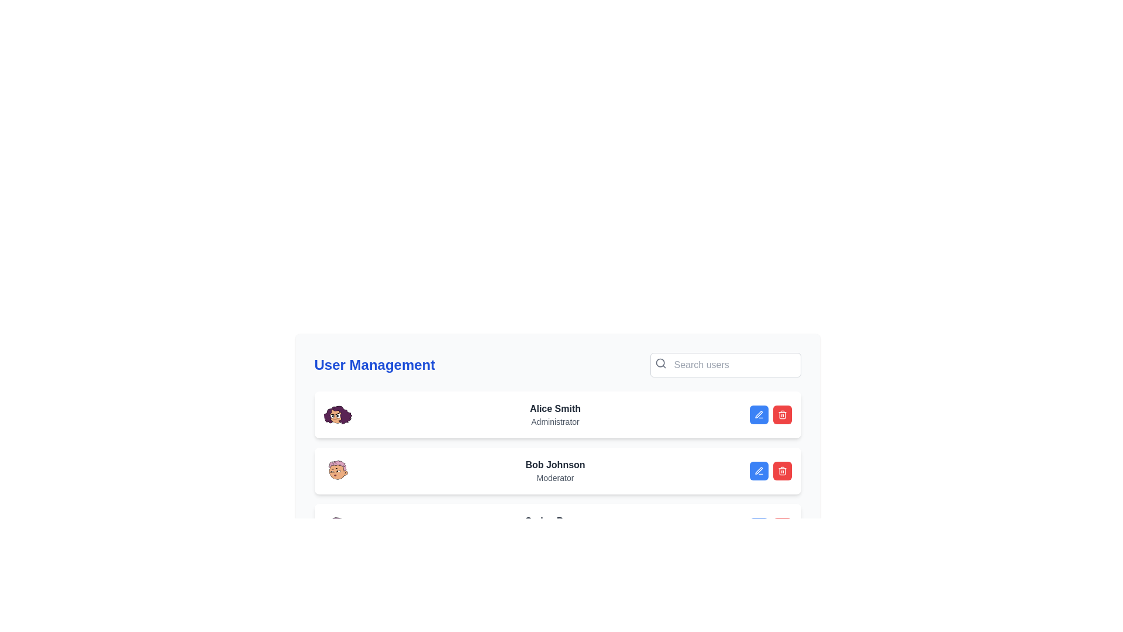 Image resolution: width=1123 pixels, height=632 pixels. What do you see at coordinates (337, 470) in the screenshot?
I see `the circular avatar image of the pink-haired cartoon character associated with 'Bob Johnson, Moderator'` at bounding box center [337, 470].